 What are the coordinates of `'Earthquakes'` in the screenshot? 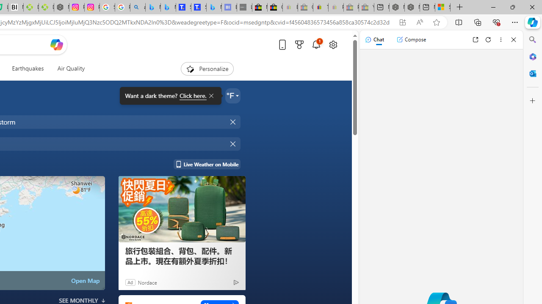 It's located at (28, 68).